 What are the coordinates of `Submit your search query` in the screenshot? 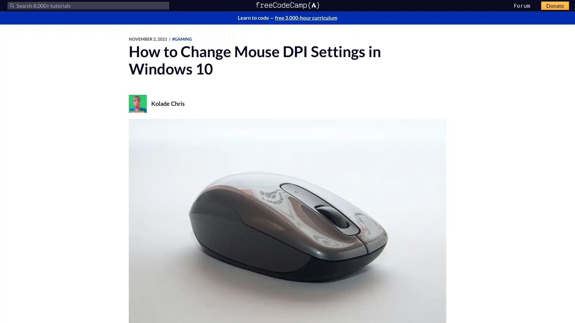 It's located at (12, 6).